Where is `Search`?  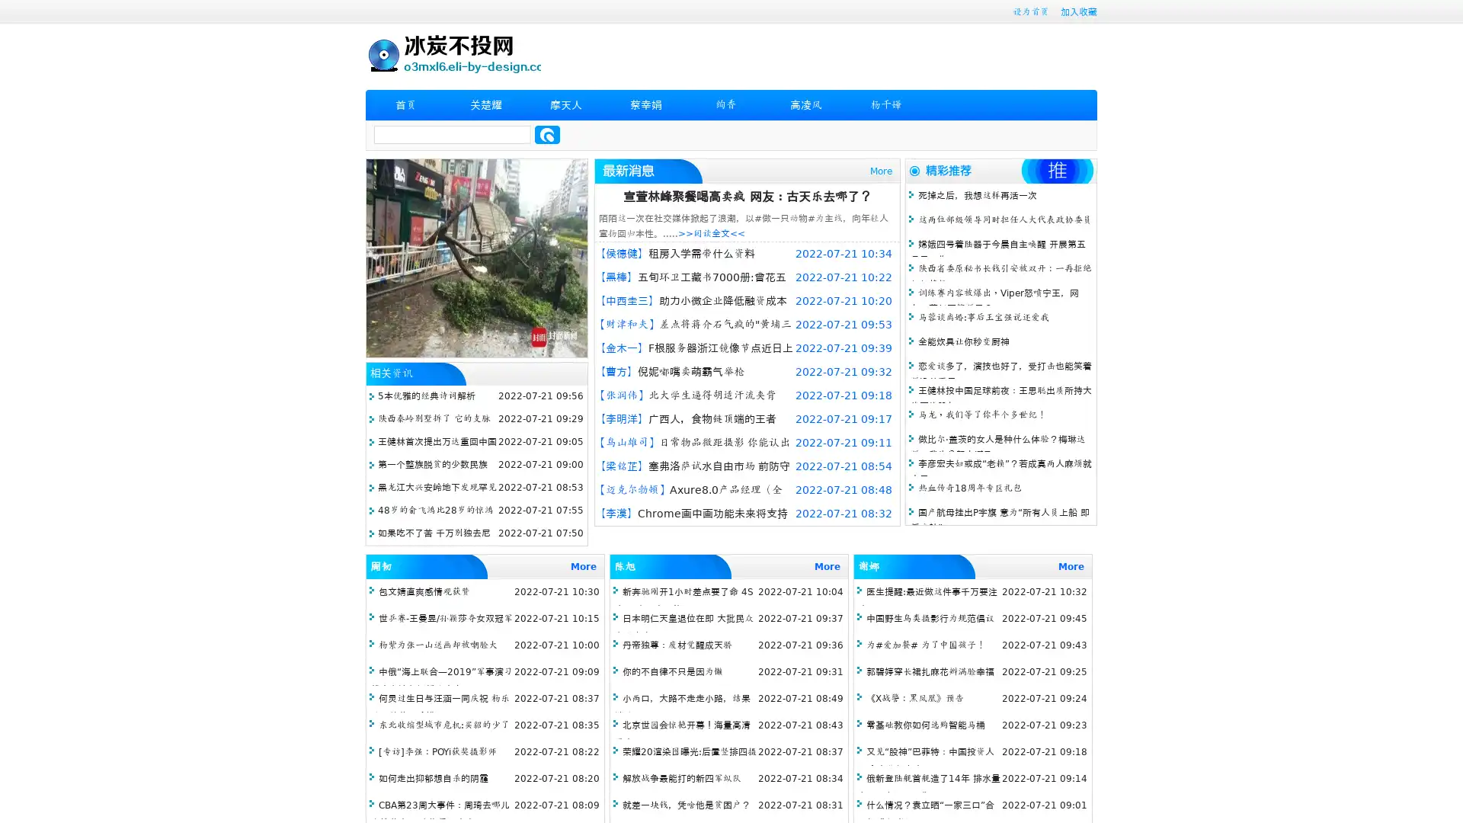 Search is located at coordinates (547, 134).